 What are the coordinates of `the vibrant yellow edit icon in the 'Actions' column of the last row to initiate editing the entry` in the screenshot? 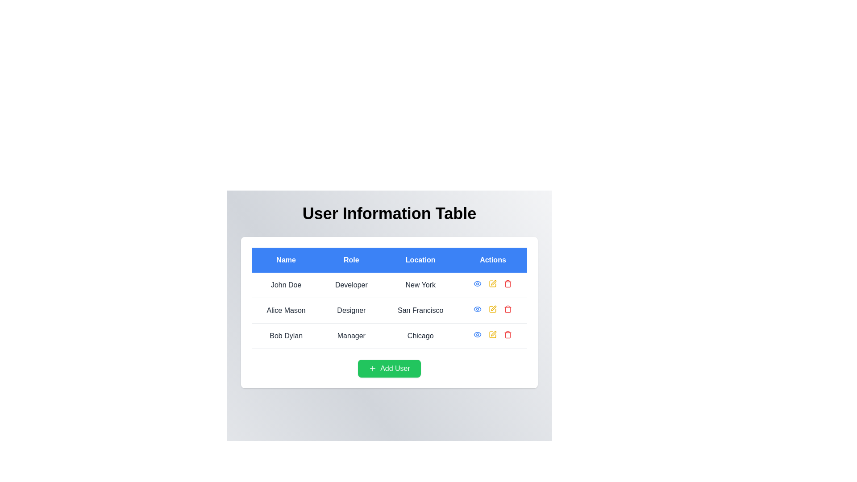 It's located at (492, 334).